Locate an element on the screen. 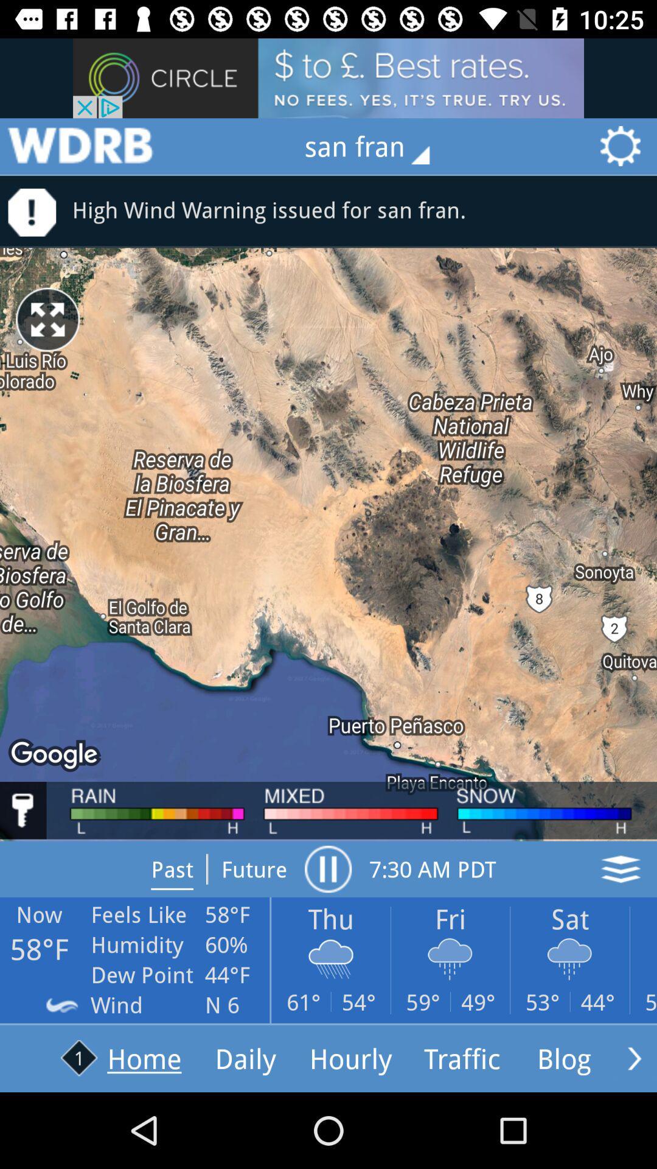  the menu icon is located at coordinates (80, 146).